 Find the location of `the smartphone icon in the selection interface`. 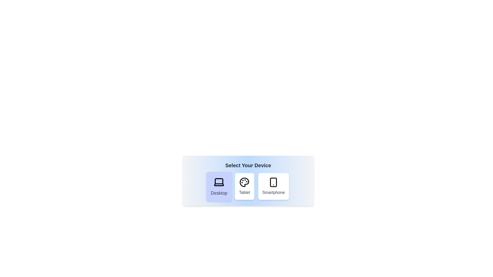

the smartphone icon in the selection interface is located at coordinates (273, 182).